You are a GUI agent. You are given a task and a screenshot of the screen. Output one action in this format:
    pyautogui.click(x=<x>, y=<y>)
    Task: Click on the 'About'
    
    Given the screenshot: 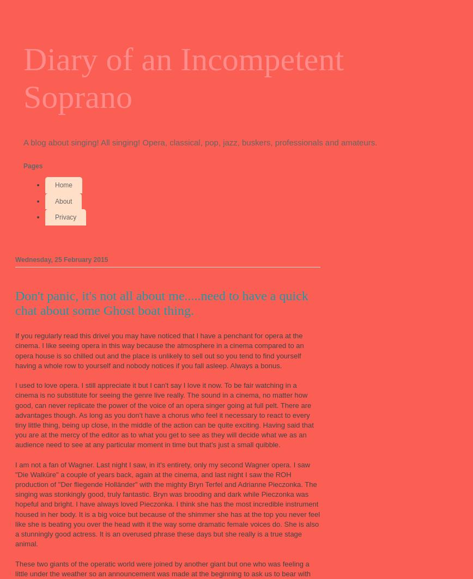 What is the action you would take?
    pyautogui.click(x=63, y=200)
    